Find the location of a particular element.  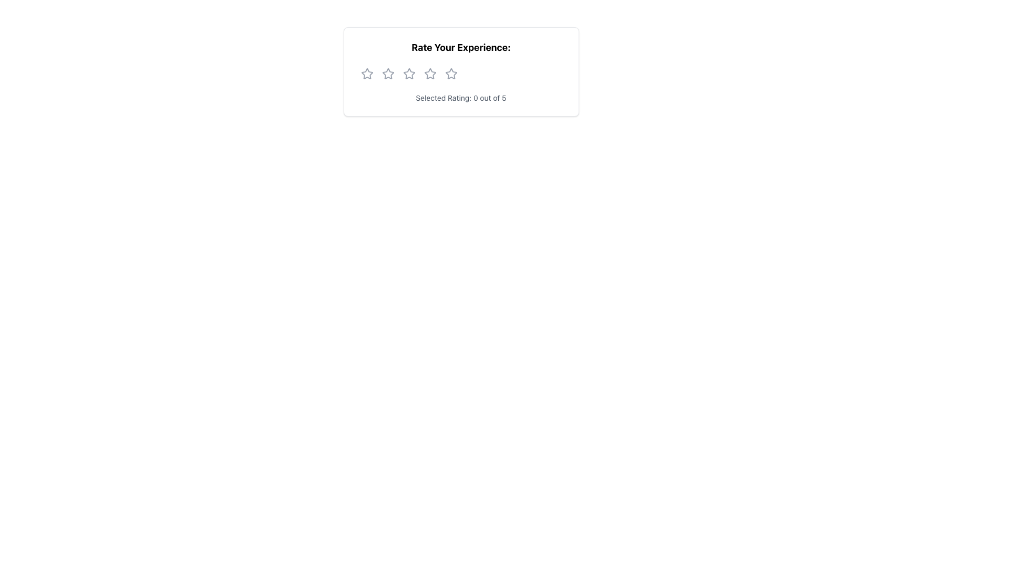

the fourth star in the 5-star rating system to assign a rating of 4 is located at coordinates (451, 73).